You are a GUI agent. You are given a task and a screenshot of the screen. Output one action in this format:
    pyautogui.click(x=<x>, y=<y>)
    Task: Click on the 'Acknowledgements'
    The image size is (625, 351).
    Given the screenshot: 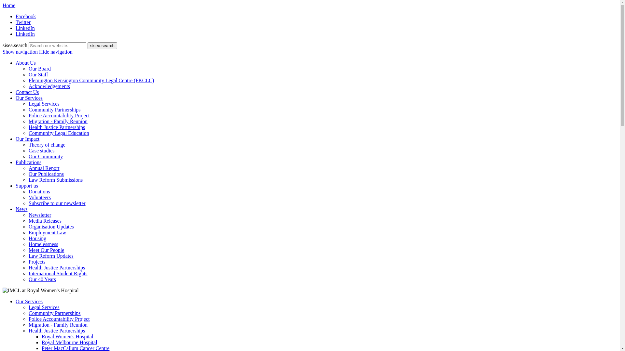 What is the action you would take?
    pyautogui.click(x=28, y=86)
    